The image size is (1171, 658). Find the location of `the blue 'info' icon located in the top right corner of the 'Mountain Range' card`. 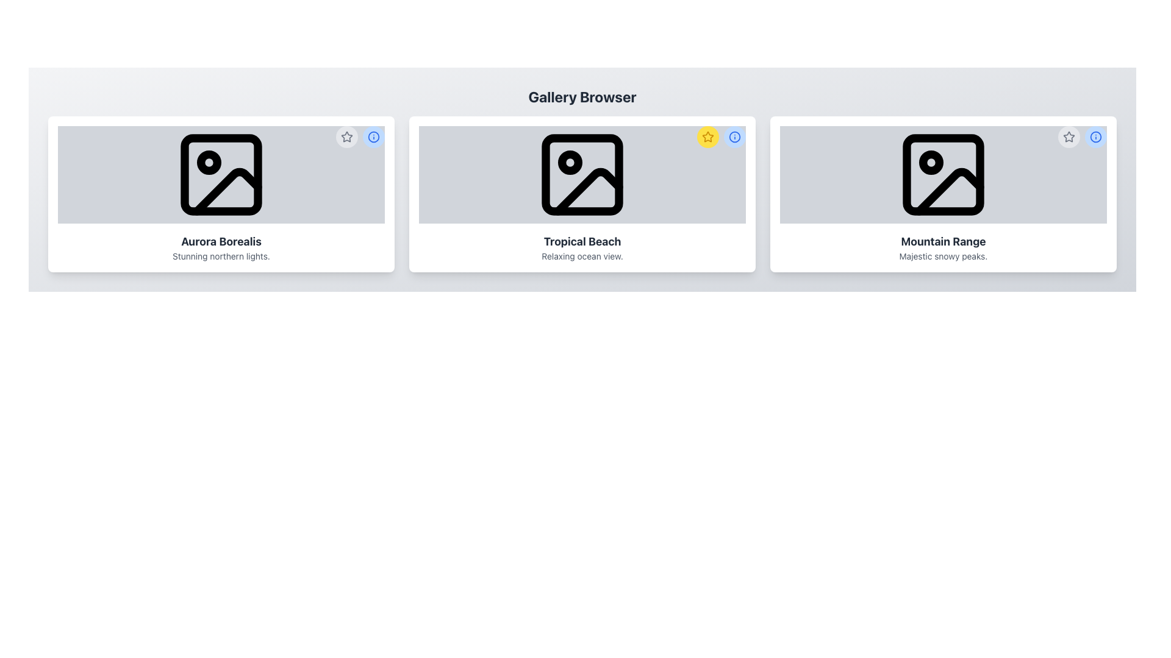

the blue 'info' icon located in the top right corner of the 'Mountain Range' card is located at coordinates (1083, 136).